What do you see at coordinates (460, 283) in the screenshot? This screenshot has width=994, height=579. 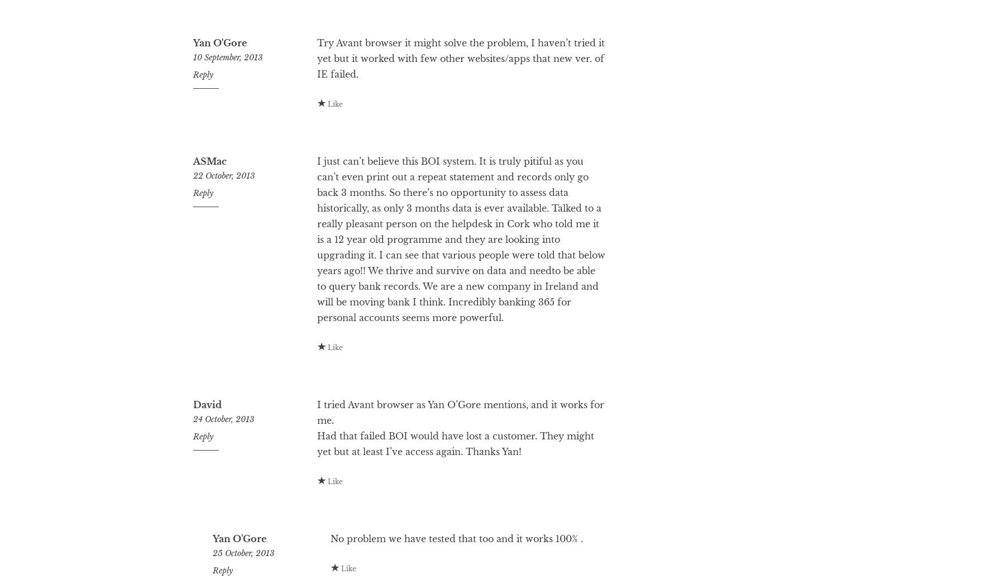 I see `'I just can’t believe this BOI system. It is truly pitiful as you can’t even print out a repeat statement and records only go back 3 months. So there’s no opportunity to assess data historically, as only 3 months data is ever available. Talked to a really pleasant person on the helpdesk in Cork who told me it is a 12 year old programme and they are looking into upgrading it. I can see that various people were told that below years ago!! We thrive and survive on data and needto be able to query bank records. We are a new company in Ireland and will be moving bank I think. Incredibly banking 365 for personal accounts seems more powerful.'` at bounding box center [460, 283].